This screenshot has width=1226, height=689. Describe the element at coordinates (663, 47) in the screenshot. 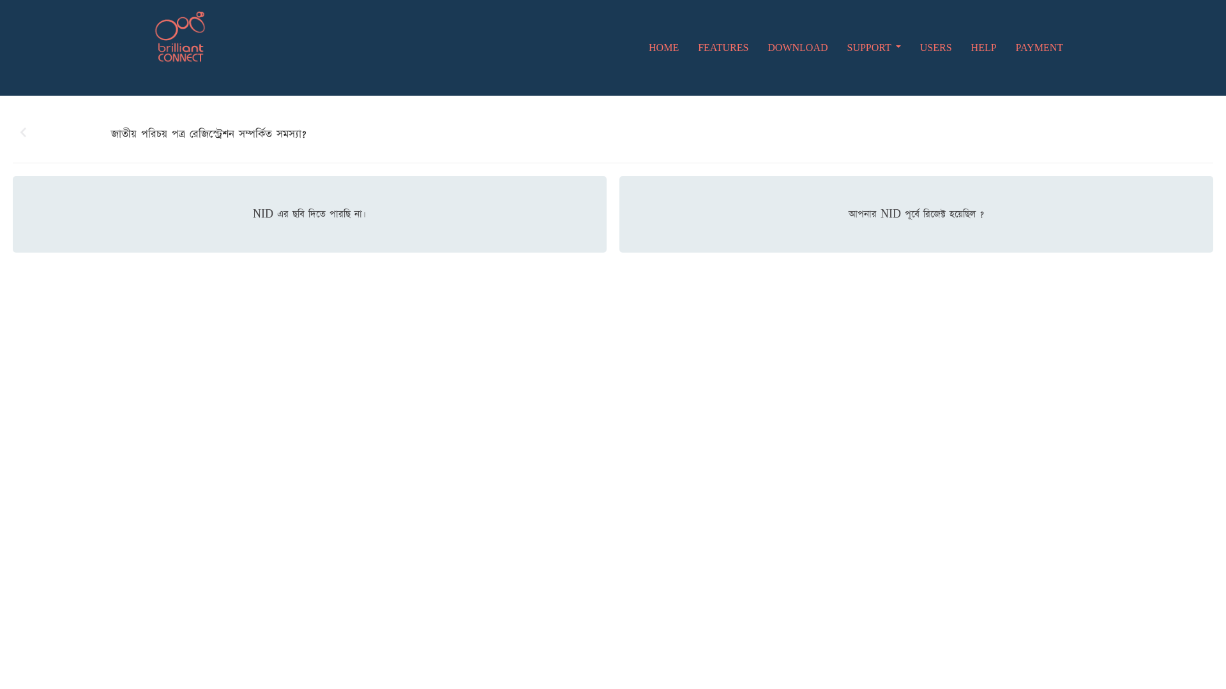

I see `'HOME'` at that location.